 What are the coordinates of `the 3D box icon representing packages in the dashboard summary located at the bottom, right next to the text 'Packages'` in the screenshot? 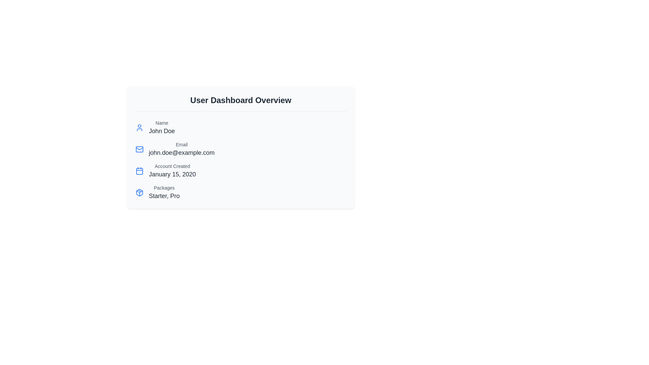 It's located at (139, 193).